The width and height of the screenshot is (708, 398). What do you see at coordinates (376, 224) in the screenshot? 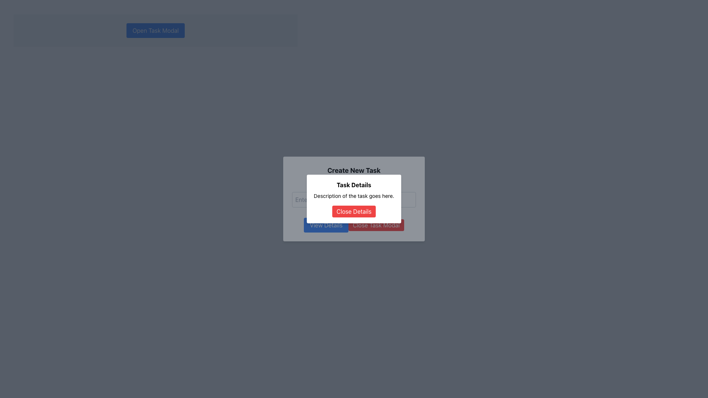
I see `the button located at the bottom-right area of the modal dialog` at bounding box center [376, 224].